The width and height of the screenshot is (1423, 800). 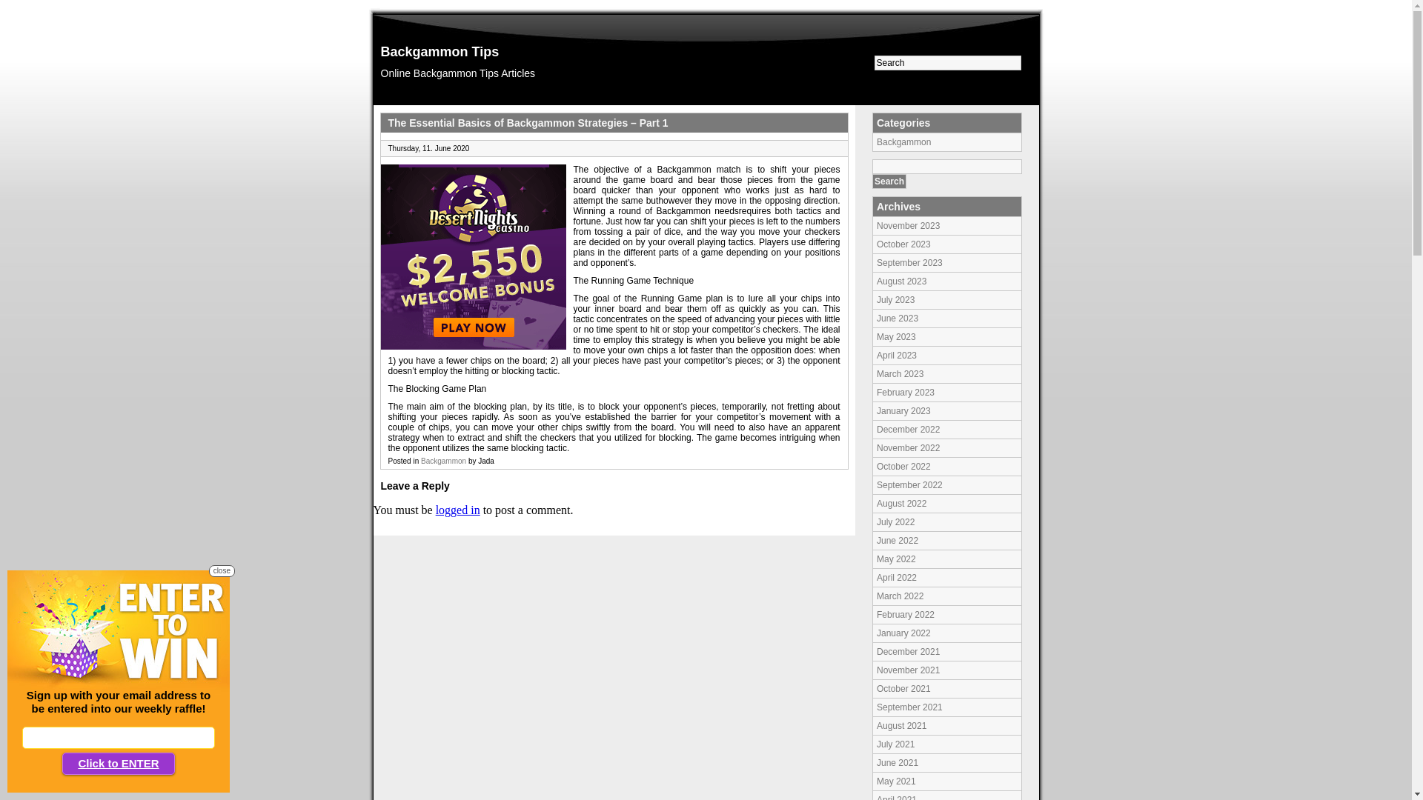 What do you see at coordinates (909, 261) in the screenshot?
I see `'September 2023'` at bounding box center [909, 261].